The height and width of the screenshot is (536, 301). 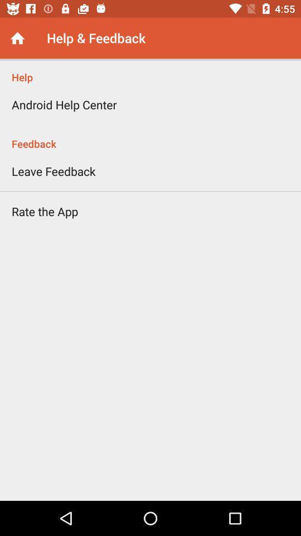 What do you see at coordinates (17, 38) in the screenshot?
I see `go home` at bounding box center [17, 38].